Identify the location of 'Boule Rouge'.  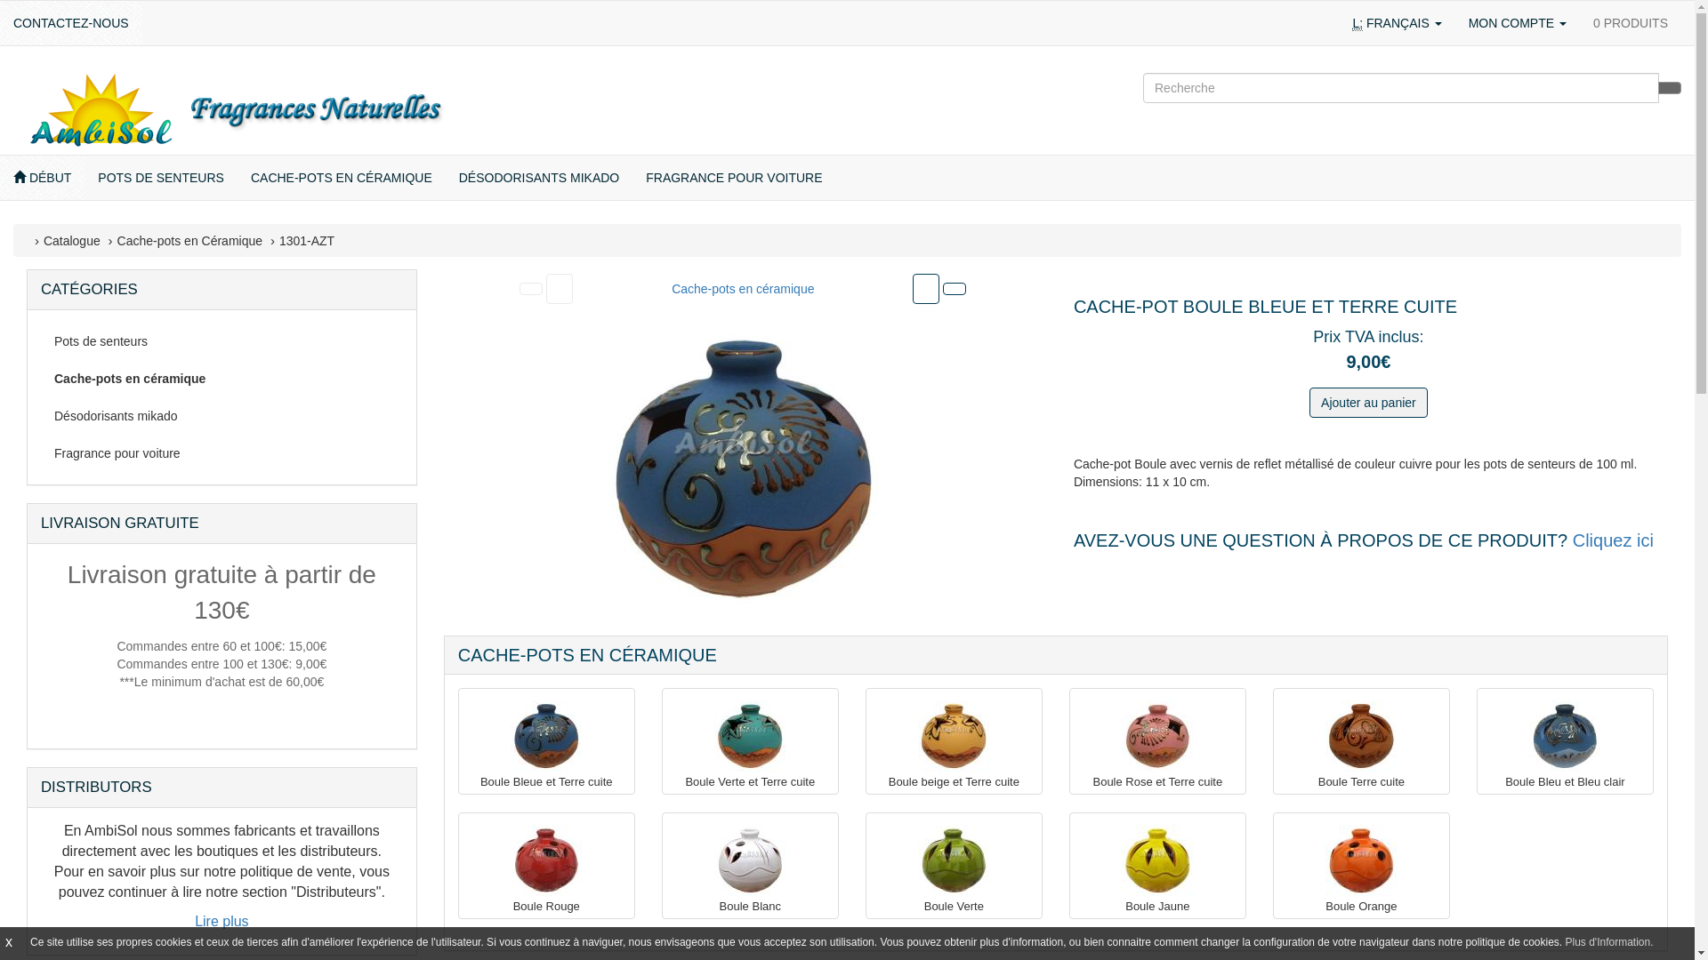
(545, 860).